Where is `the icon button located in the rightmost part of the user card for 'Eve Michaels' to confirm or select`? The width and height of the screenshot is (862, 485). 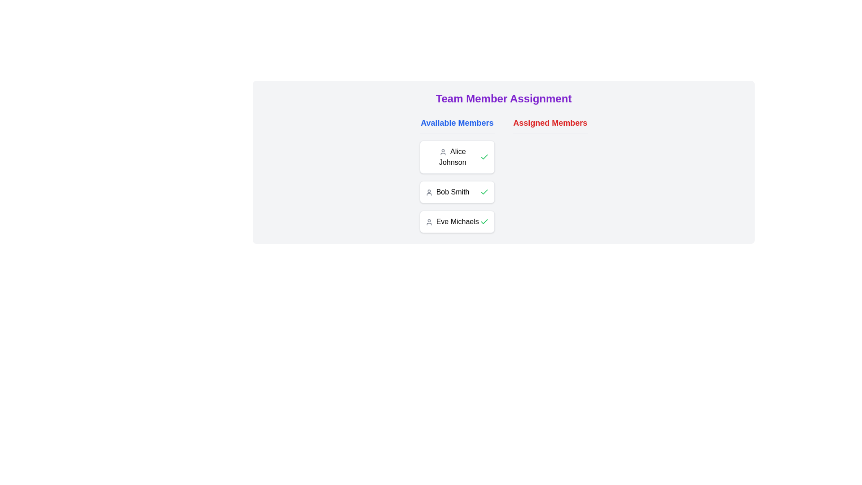 the icon button located in the rightmost part of the user card for 'Eve Michaels' to confirm or select is located at coordinates (484, 221).